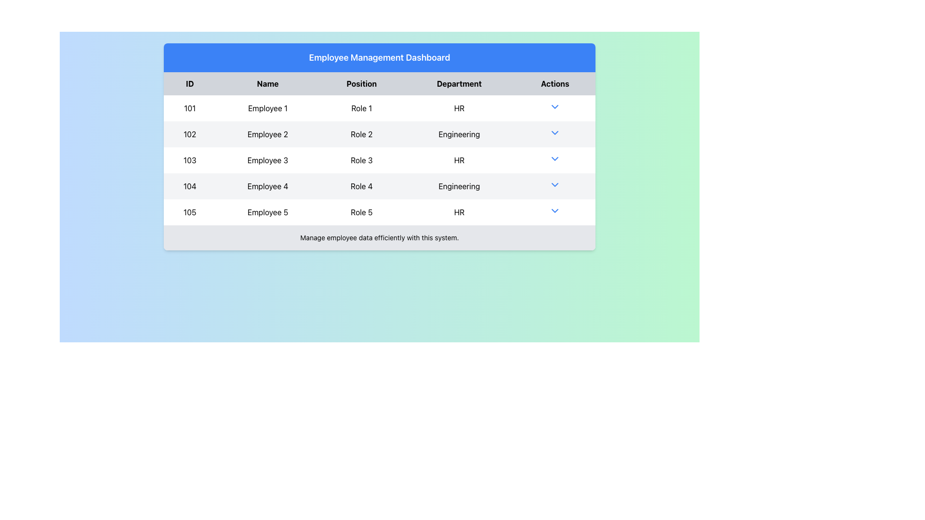 This screenshot has height=520, width=925. Describe the element at coordinates (555, 185) in the screenshot. I see `the blue downward-facing chevron icon in the 'Actions' column of the fourth row` at that location.